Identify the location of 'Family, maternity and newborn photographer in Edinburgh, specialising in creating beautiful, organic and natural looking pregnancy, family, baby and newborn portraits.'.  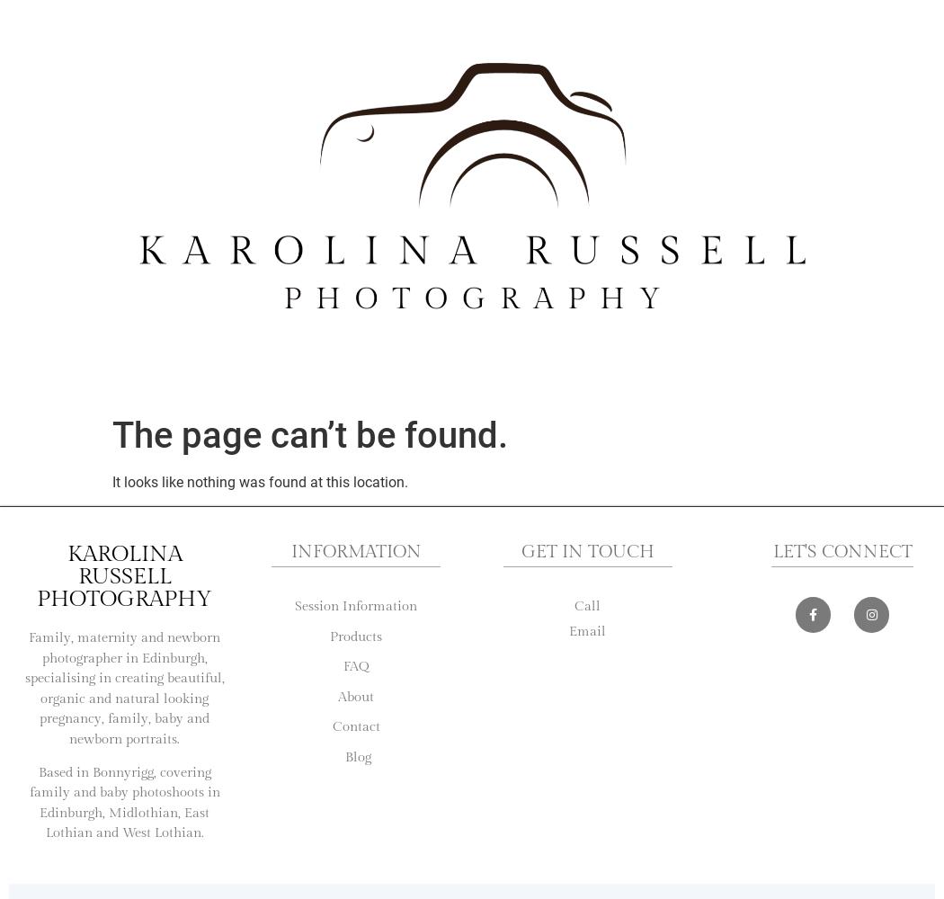
(122, 688).